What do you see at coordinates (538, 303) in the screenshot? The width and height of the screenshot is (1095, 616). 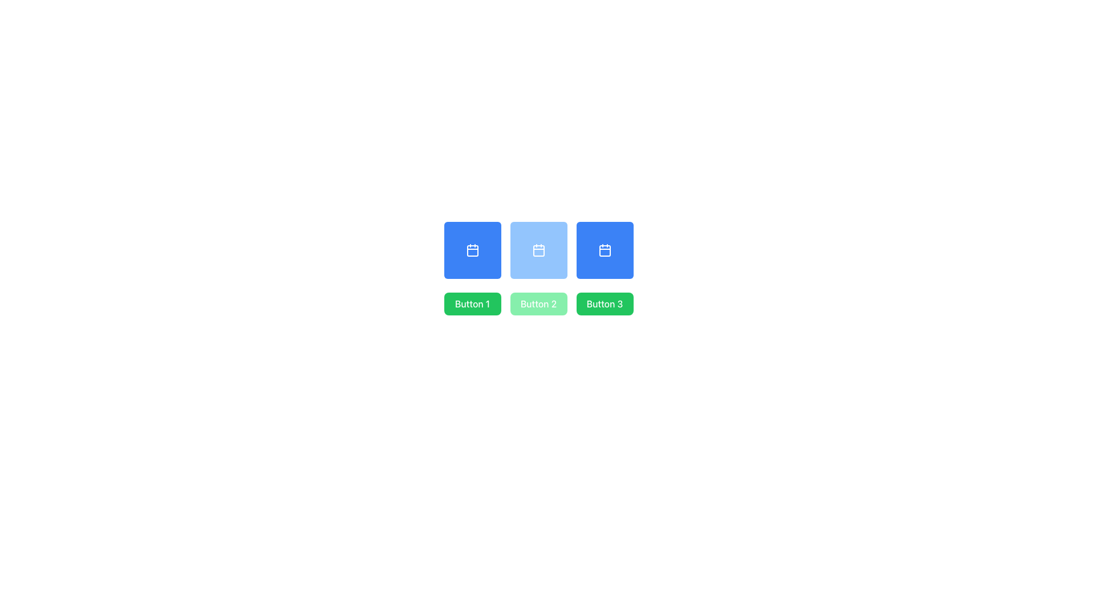 I see `the green button labeled 'Button 2'` at bounding box center [538, 303].